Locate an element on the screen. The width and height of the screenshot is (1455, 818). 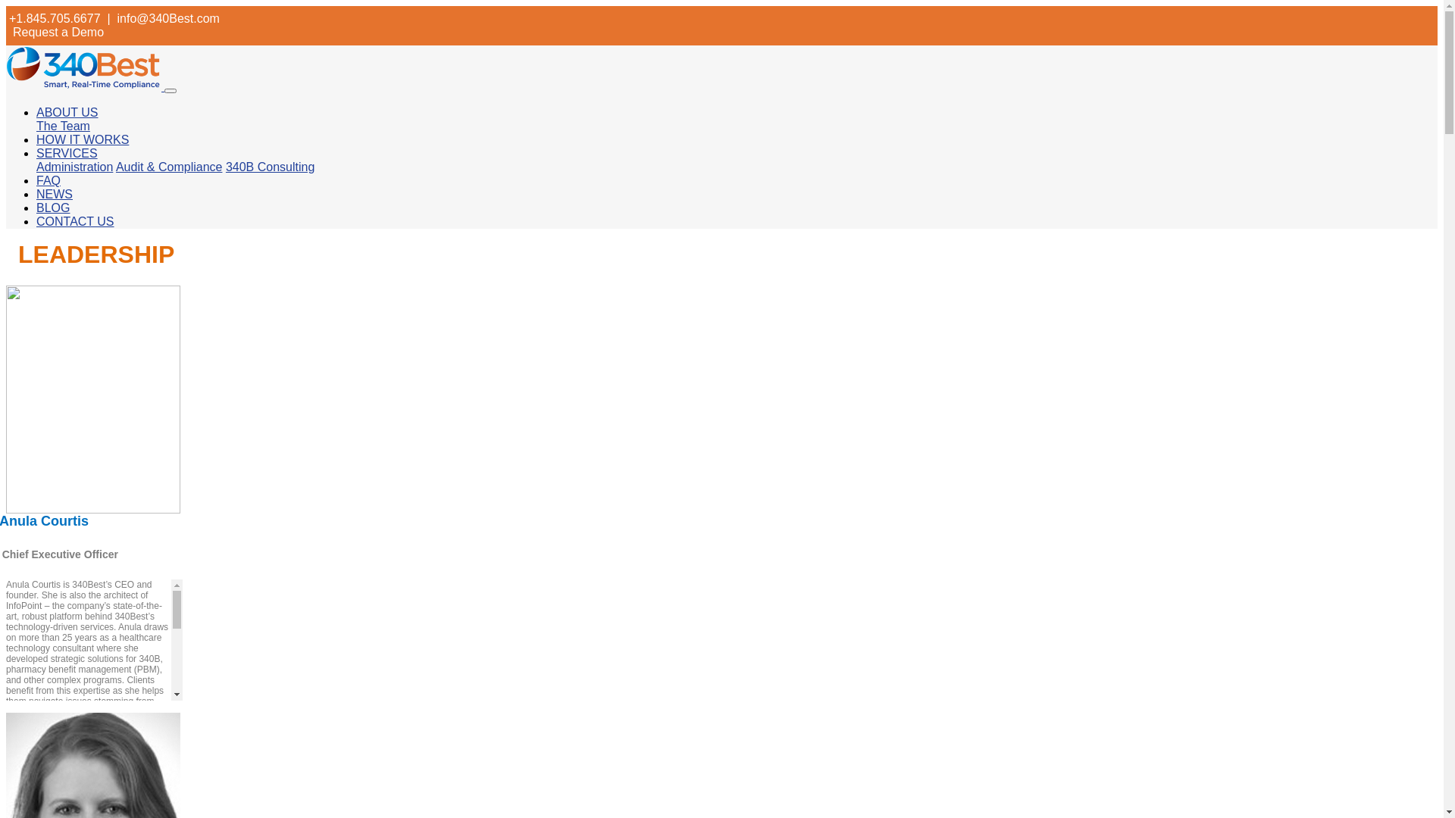
'info@340Best.com' is located at coordinates (167, 18).